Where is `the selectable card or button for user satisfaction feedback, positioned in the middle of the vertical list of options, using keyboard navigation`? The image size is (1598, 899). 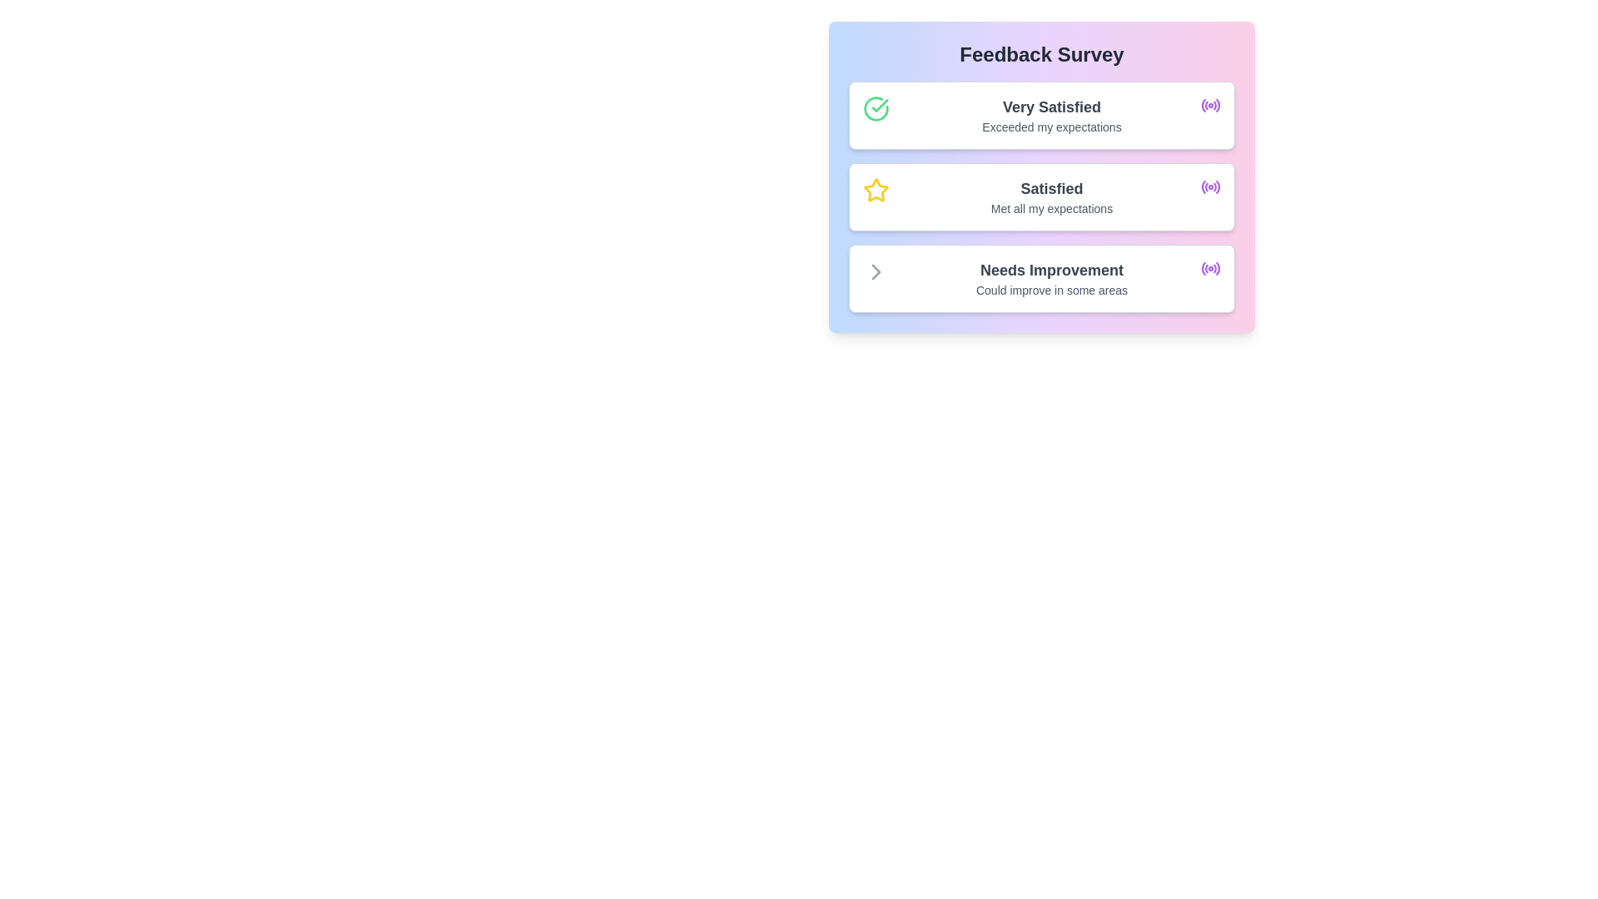 the selectable card or button for user satisfaction feedback, positioned in the middle of the vertical list of options, using keyboard navigation is located at coordinates (1041, 196).